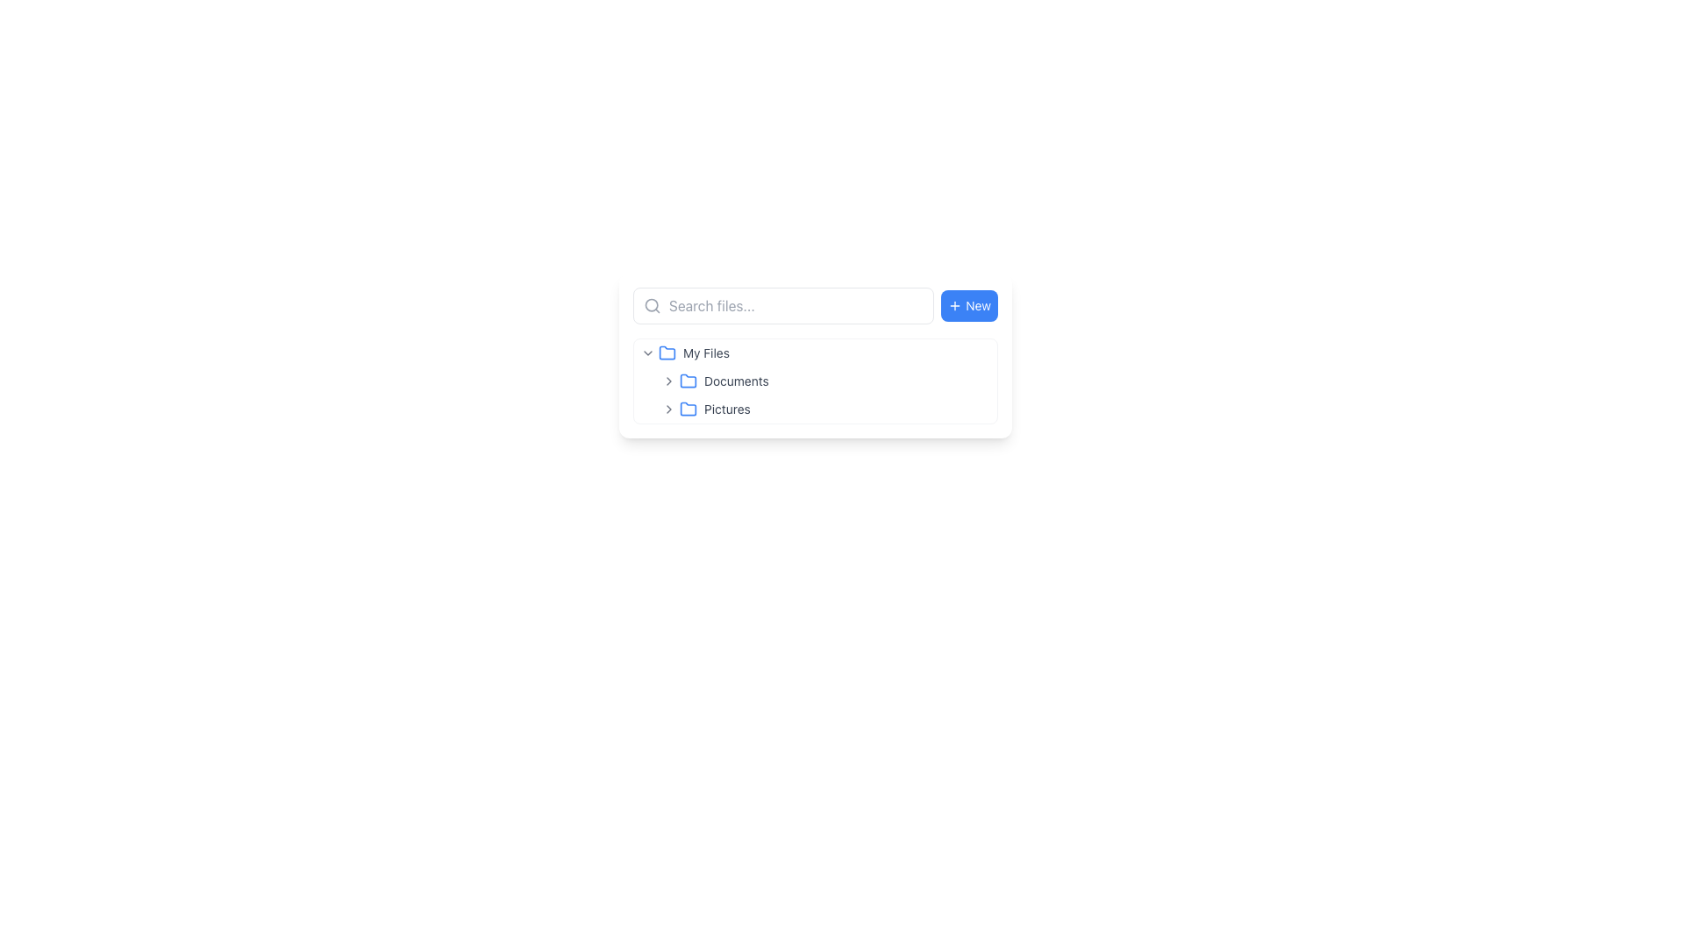 The width and height of the screenshot is (1684, 947). What do you see at coordinates (706, 352) in the screenshot?
I see `the 'My Files' text label` at bounding box center [706, 352].